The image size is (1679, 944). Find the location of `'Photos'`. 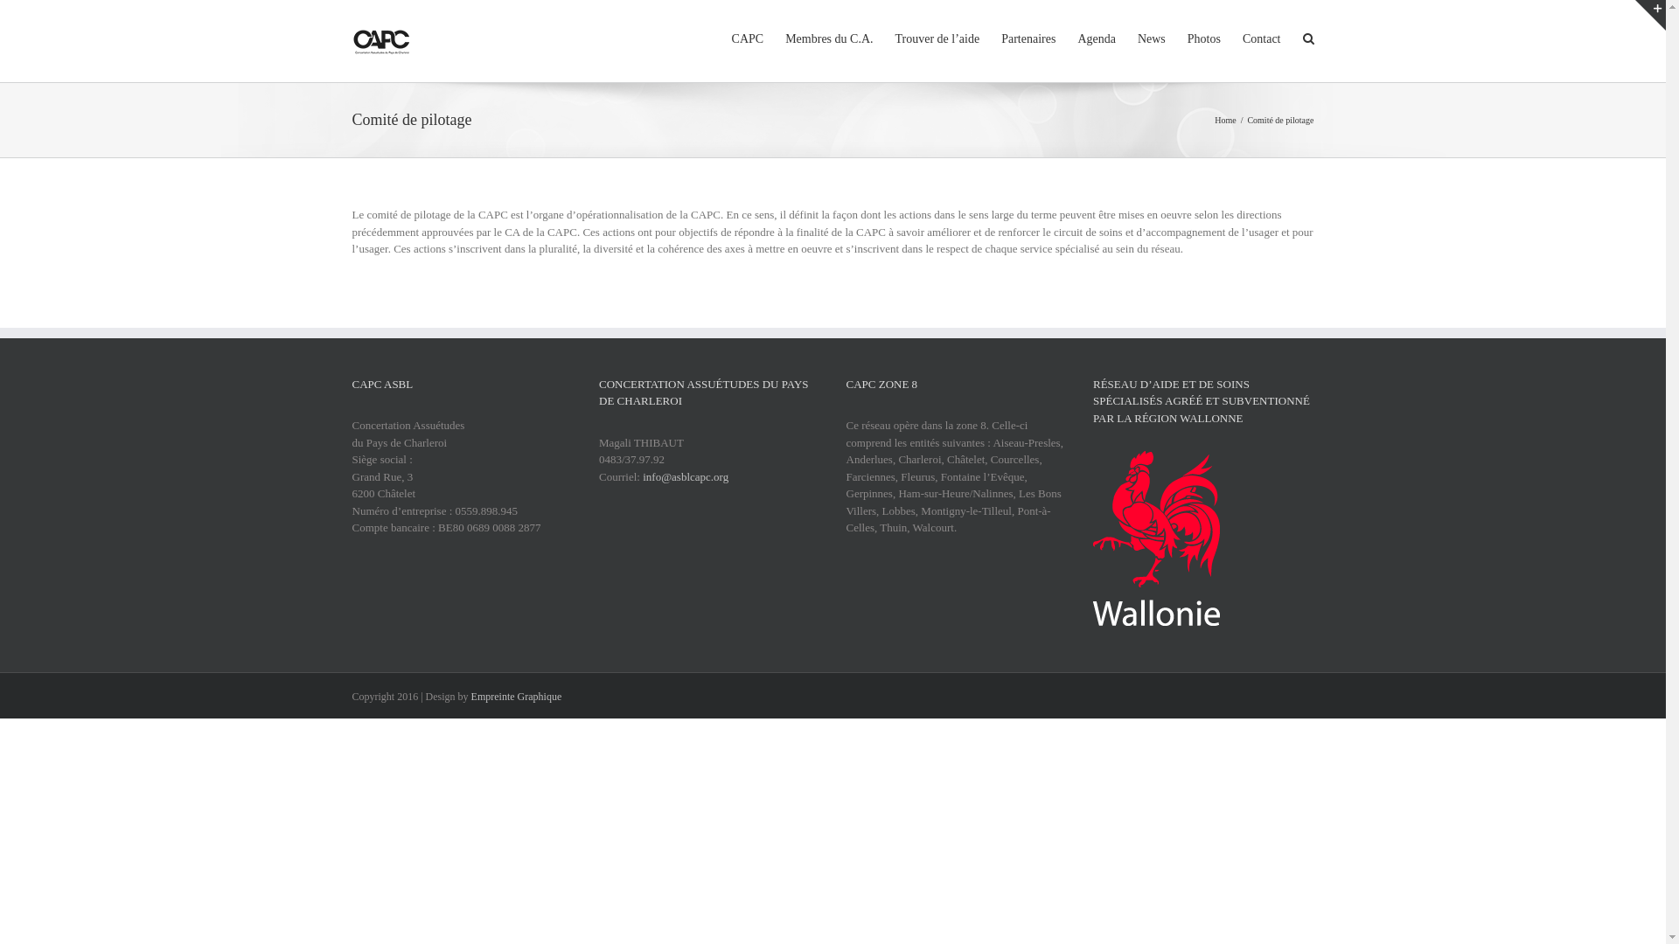

'Photos' is located at coordinates (1203, 37).